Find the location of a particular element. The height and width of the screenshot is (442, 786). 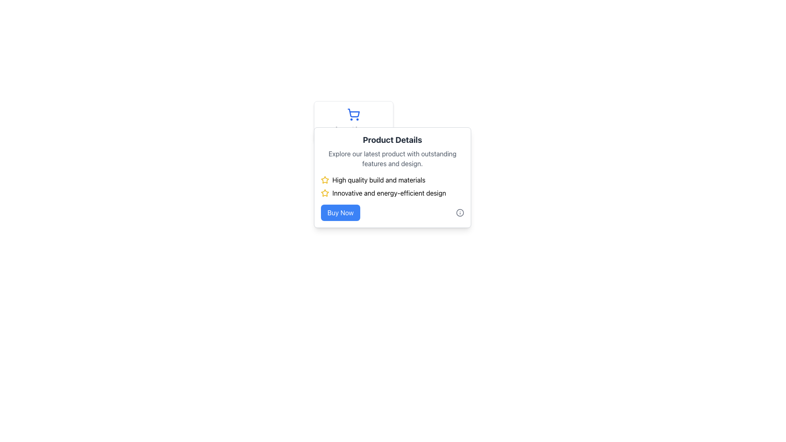

the purchase button located in the footer section of the card to observe the hover effect is located at coordinates (340, 212).